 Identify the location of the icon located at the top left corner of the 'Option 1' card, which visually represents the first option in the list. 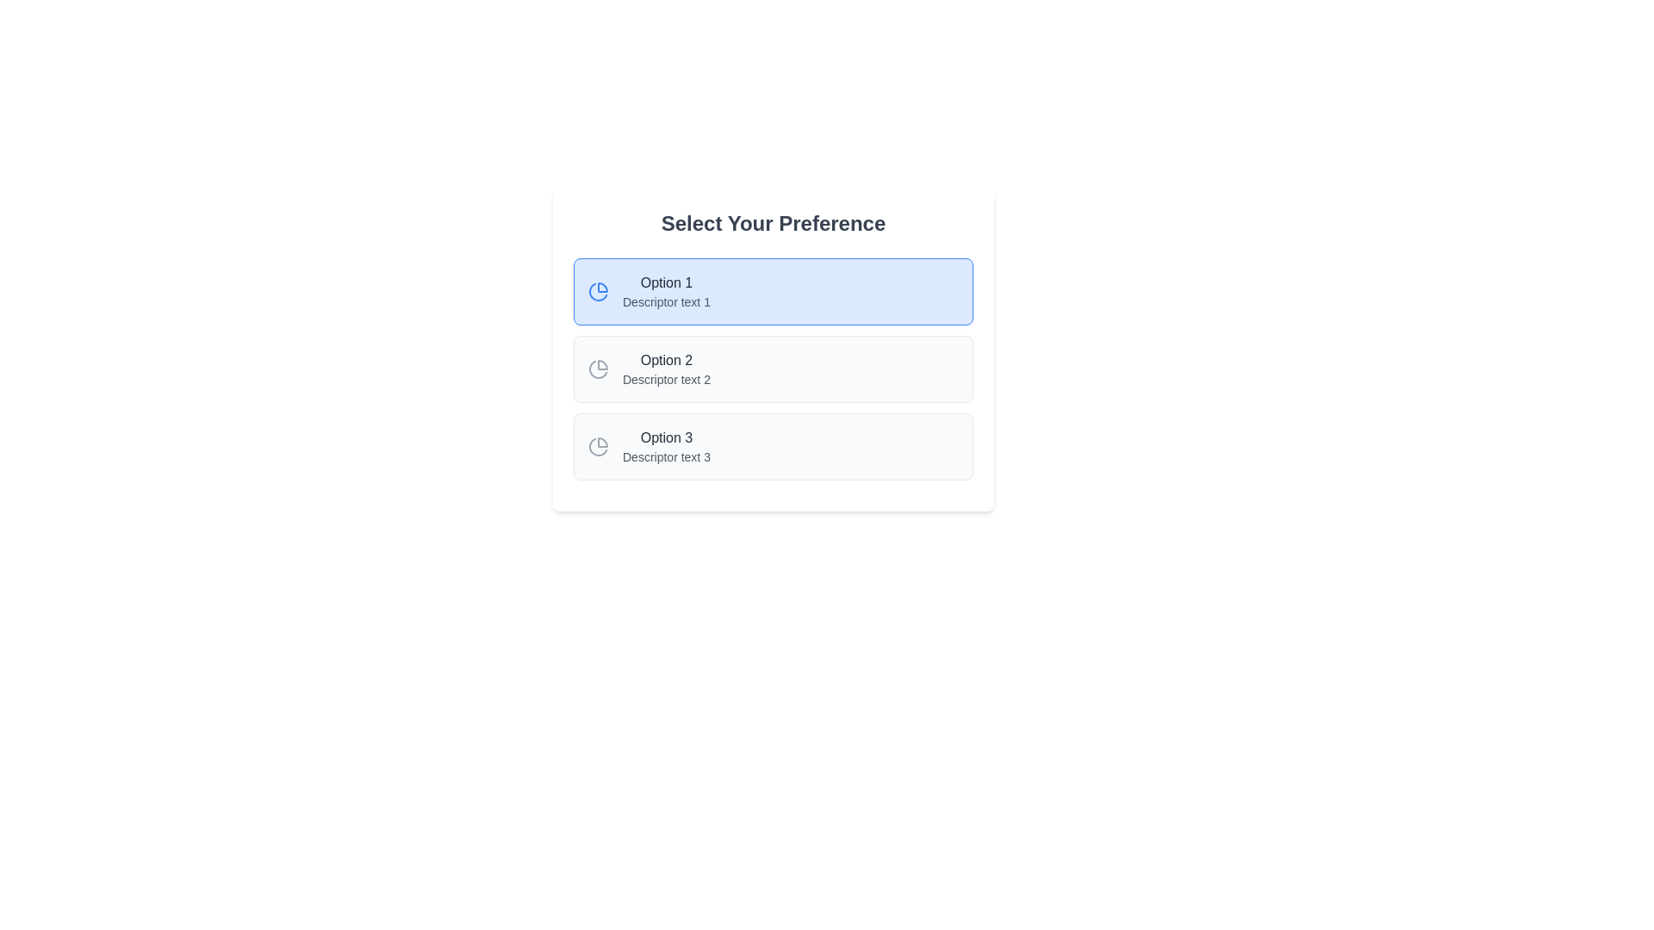
(599, 291).